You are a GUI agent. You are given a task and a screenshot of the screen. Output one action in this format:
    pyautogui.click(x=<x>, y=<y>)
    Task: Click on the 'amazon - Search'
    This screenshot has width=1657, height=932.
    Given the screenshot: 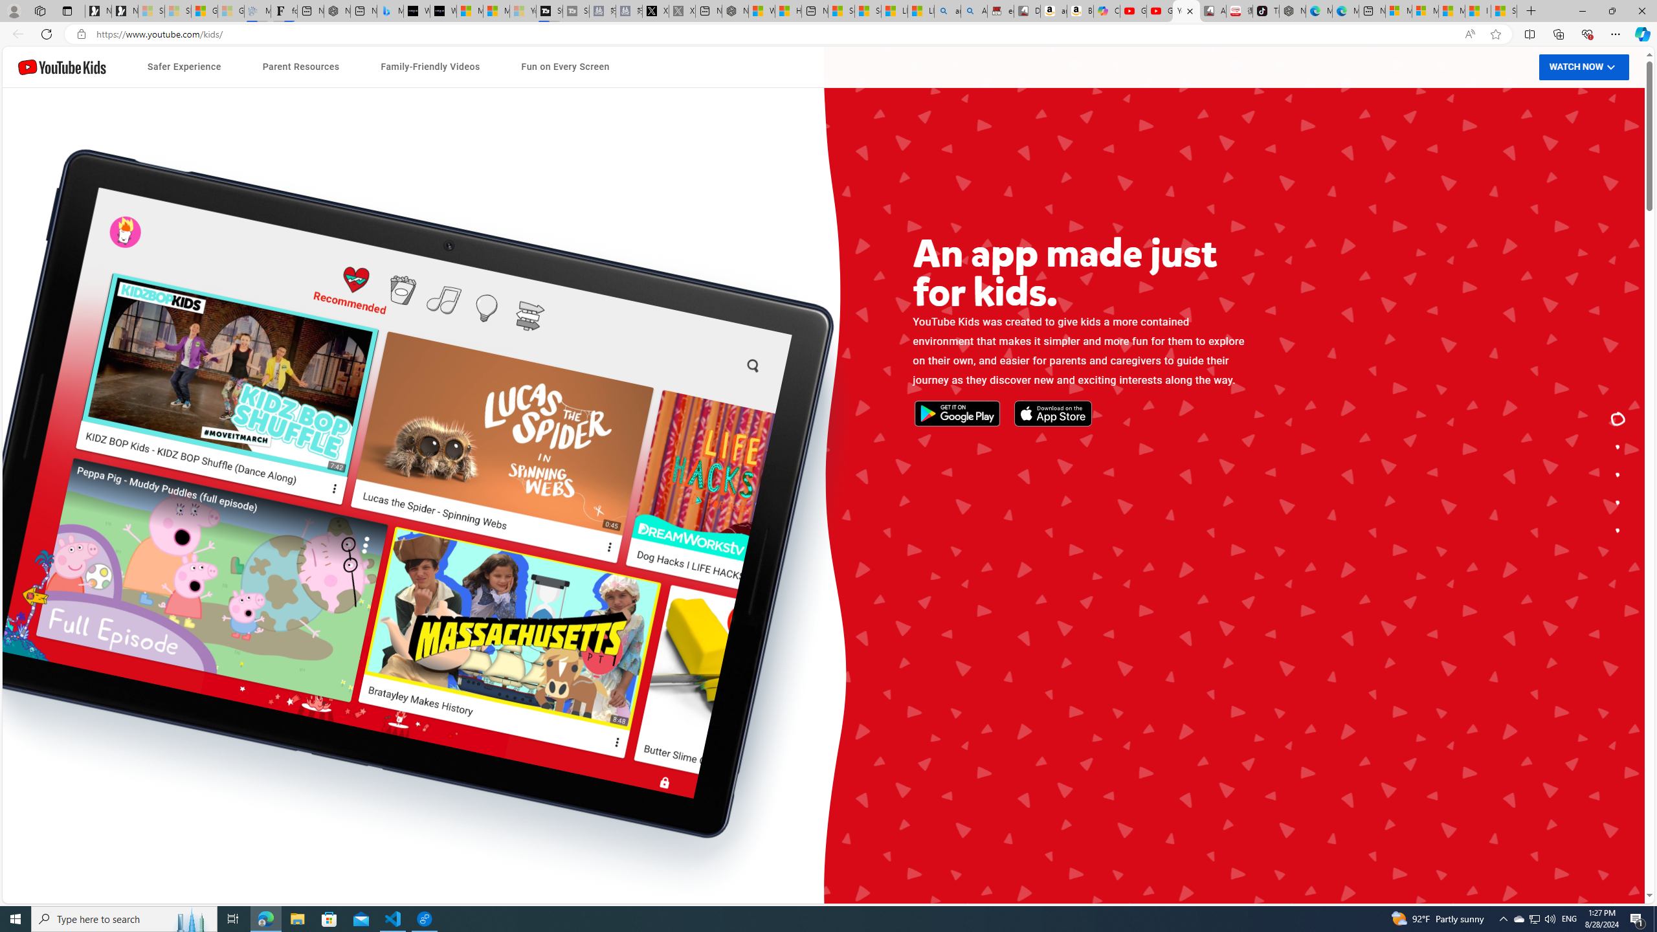 What is the action you would take?
    pyautogui.click(x=947, y=10)
    